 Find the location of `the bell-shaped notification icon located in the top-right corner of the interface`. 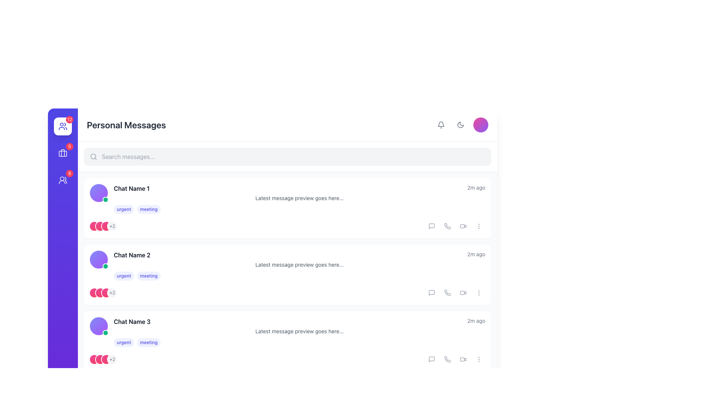

the bell-shaped notification icon located in the top-right corner of the interface is located at coordinates (441, 125).